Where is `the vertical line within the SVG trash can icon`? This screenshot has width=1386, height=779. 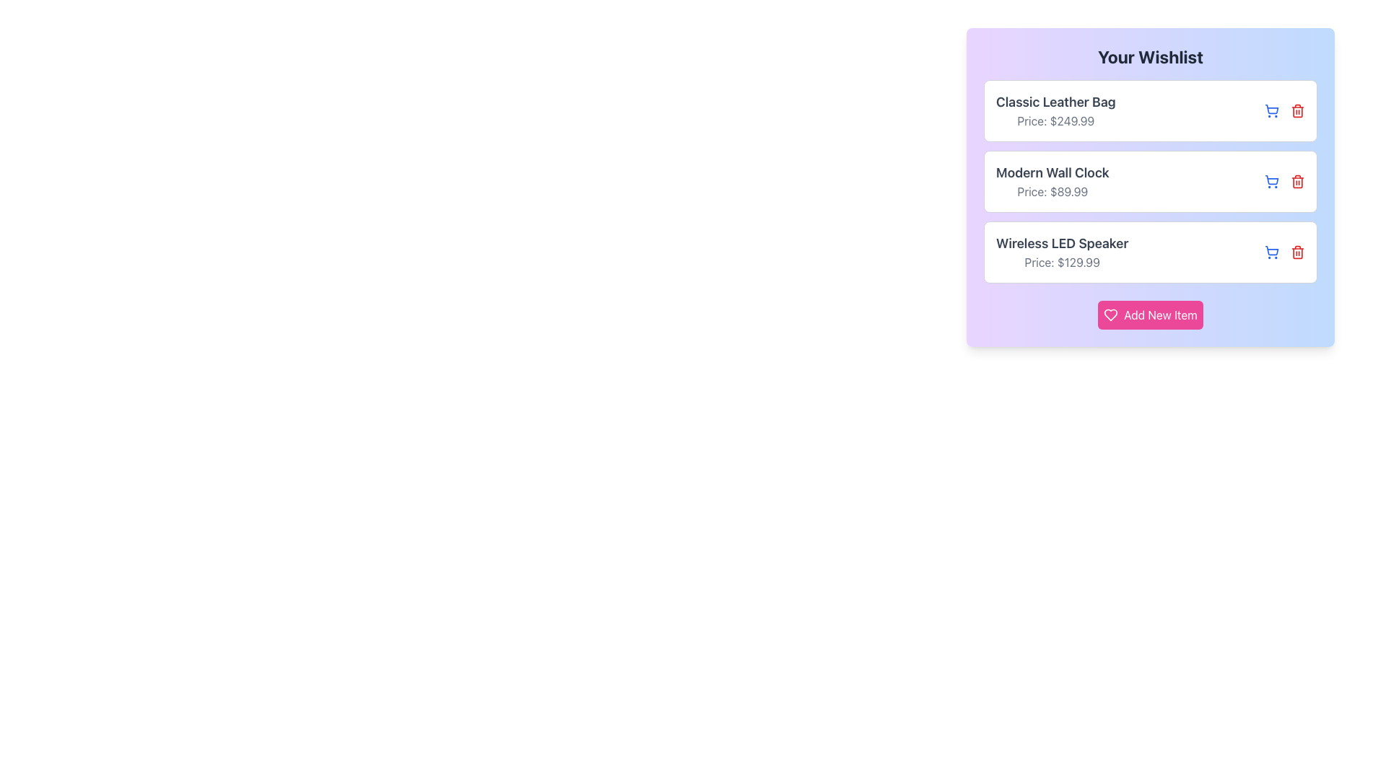 the vertical line within the SVG trash can icon is located at coordinates (1298, 182).